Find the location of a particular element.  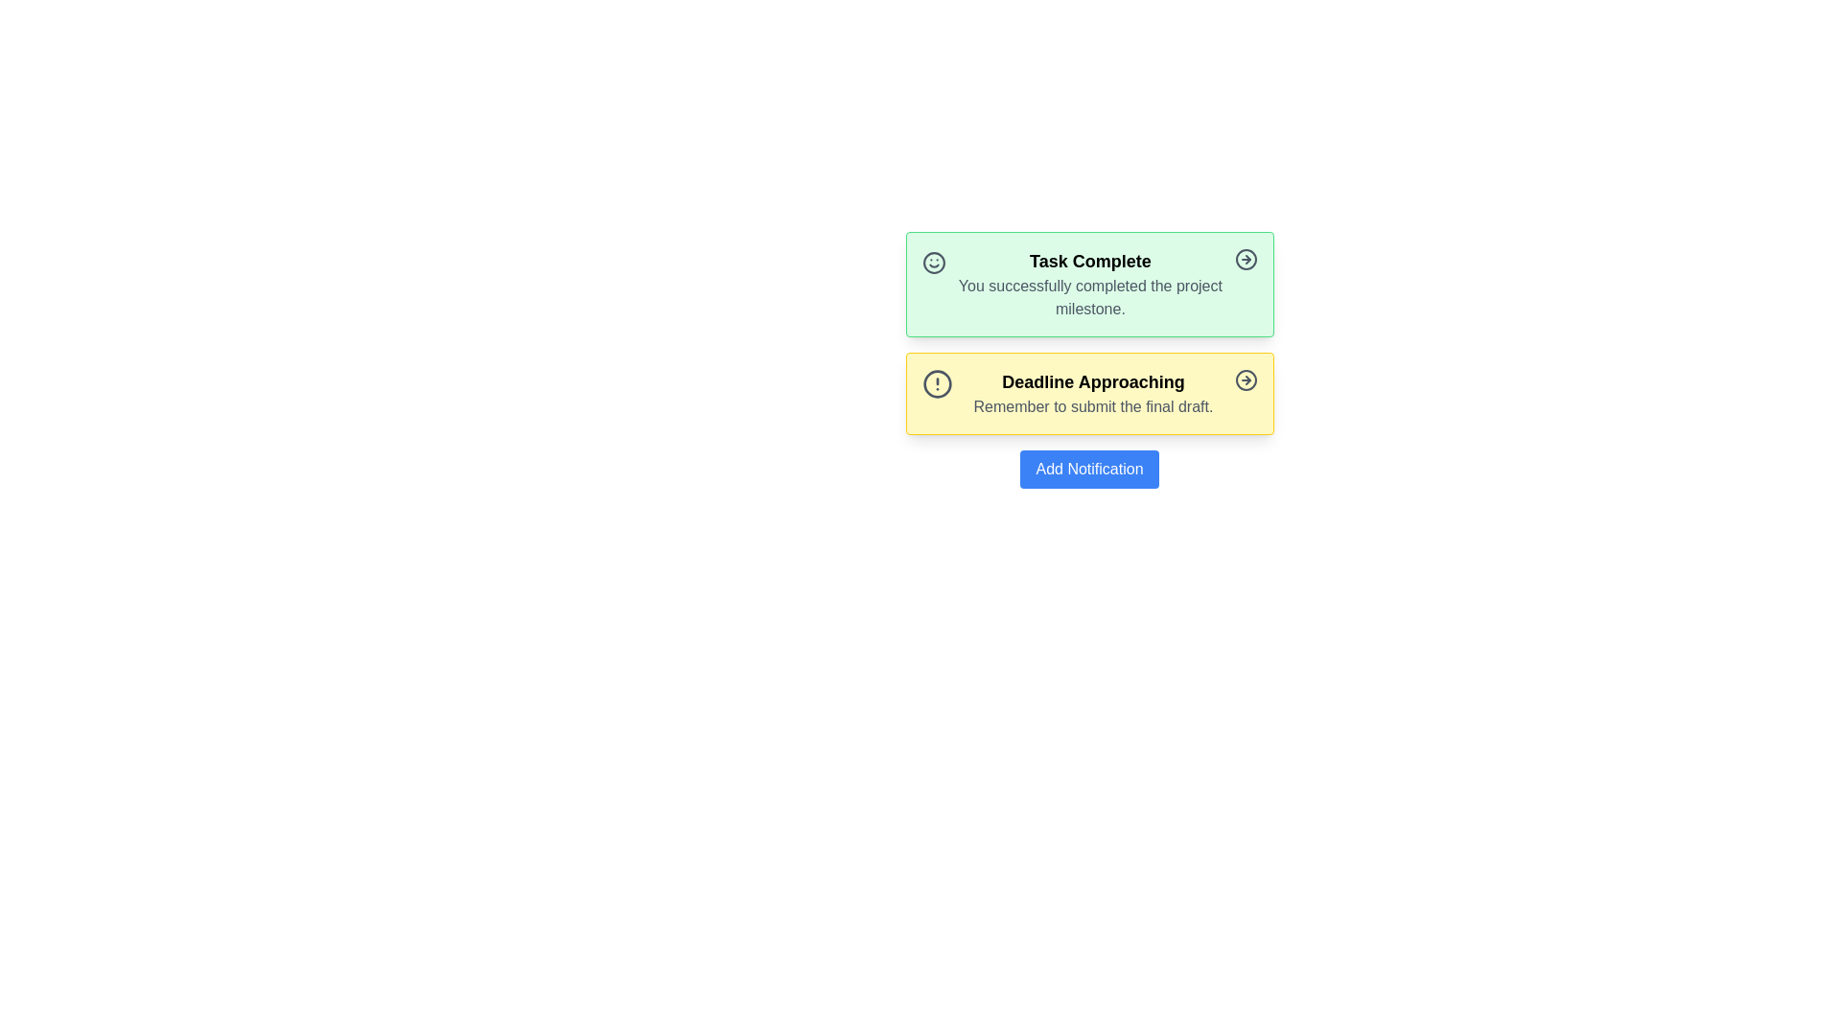

'Add Notification' button to add a new notification is located at coordinates (1089, 469).